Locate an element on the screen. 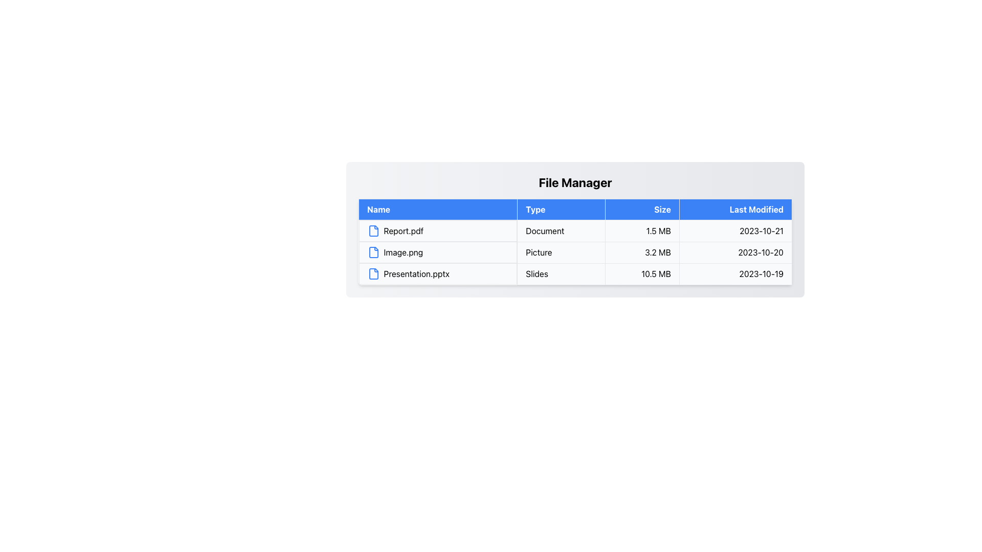 The width and height of the screenshot is (982, 552). the icon representing the 'Image.png' file, which is the leftmost element in its row is located at coordinates (373, 252).